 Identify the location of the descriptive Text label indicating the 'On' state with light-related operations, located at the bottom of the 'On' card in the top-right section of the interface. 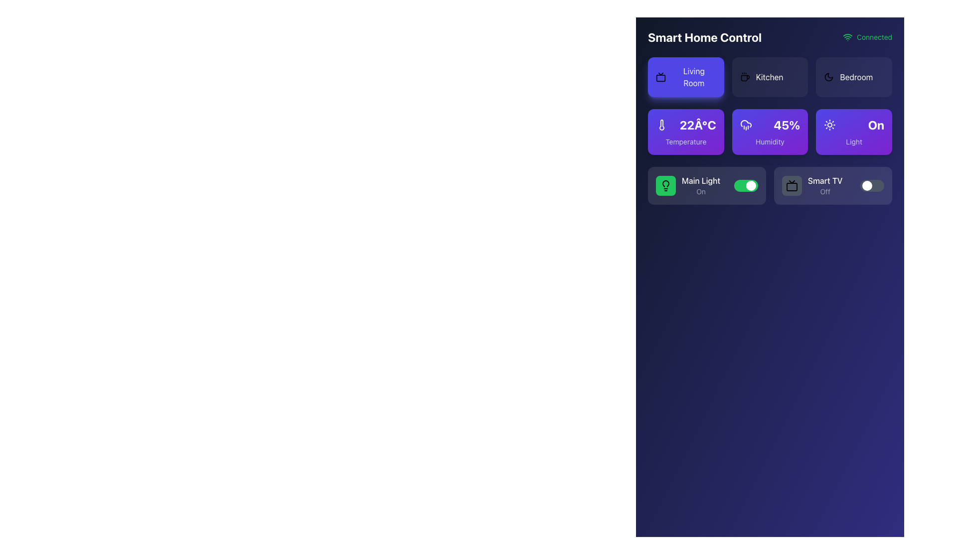
(853, 142).